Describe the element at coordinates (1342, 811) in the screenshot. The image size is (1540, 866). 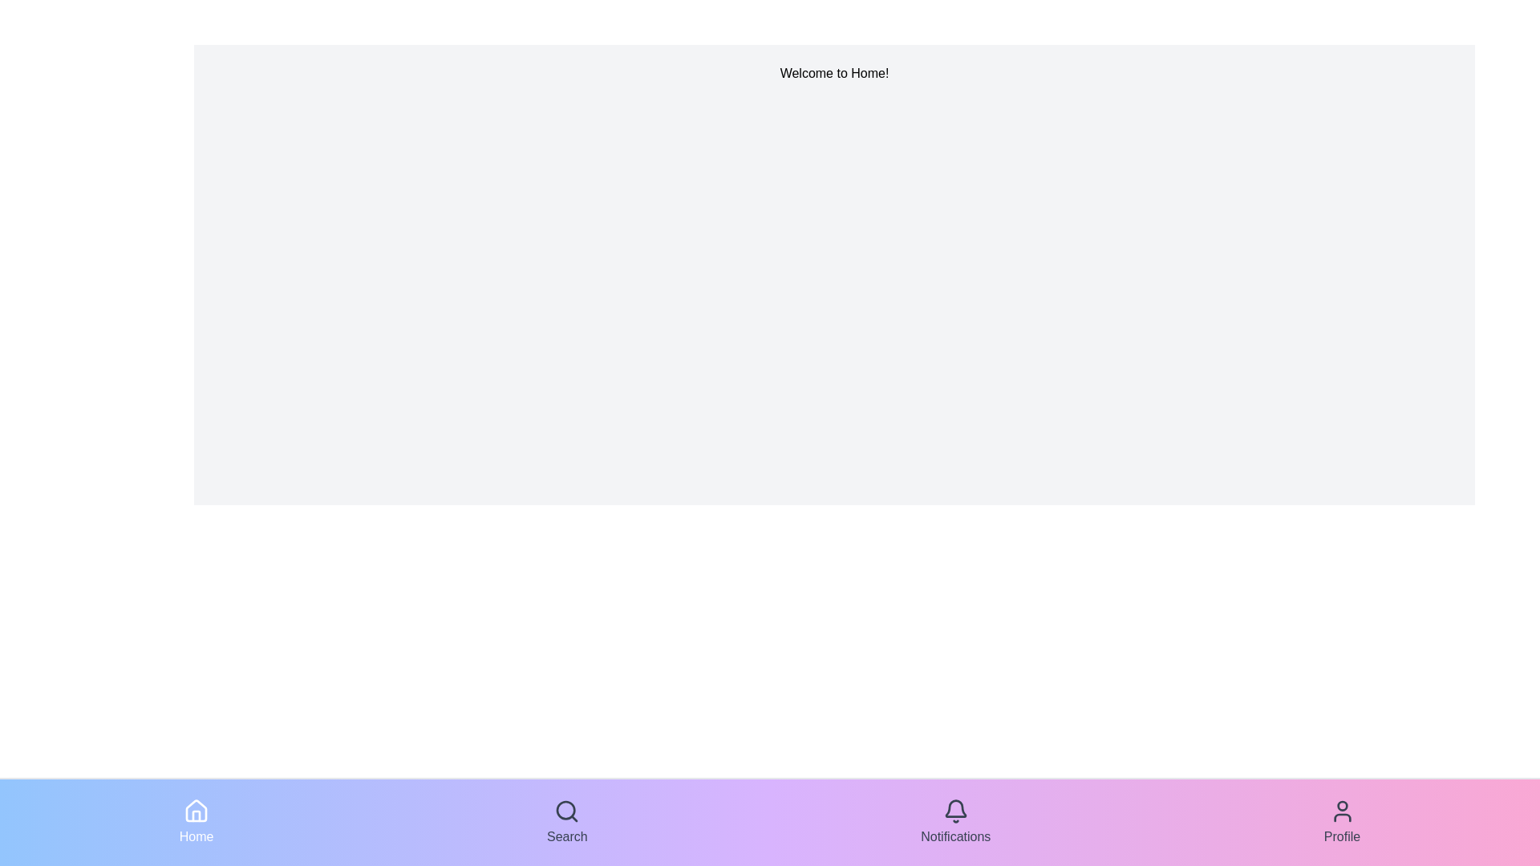
I see `the user's profile icon located at the top of the bottom-right corner navigation bar` at that location.